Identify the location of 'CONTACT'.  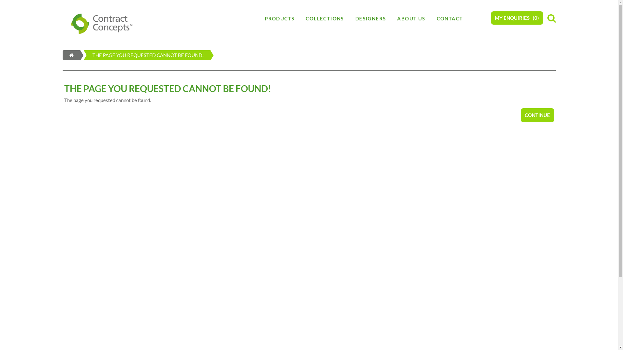
(431, 18).